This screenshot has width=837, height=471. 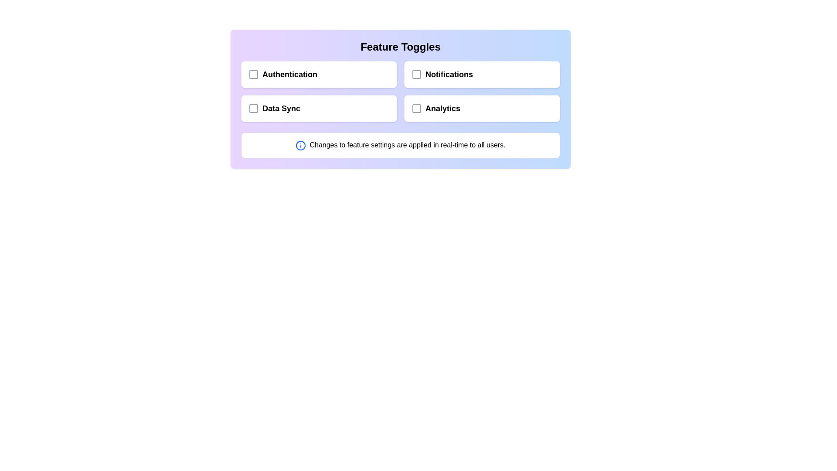 What do you see at coordinates (416, 108) in the screenshot?
I see `the visual indicator icon next to the 'Analytics' label in the 'Feature Toggles' section` at bounding box center [416, 108].